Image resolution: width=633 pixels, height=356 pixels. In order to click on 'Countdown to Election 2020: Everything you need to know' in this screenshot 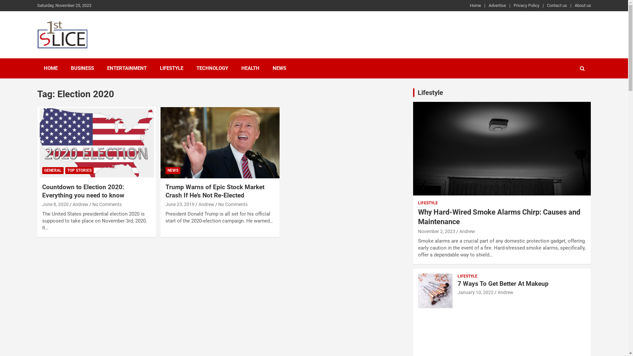, I will do `click(83, 191)`.